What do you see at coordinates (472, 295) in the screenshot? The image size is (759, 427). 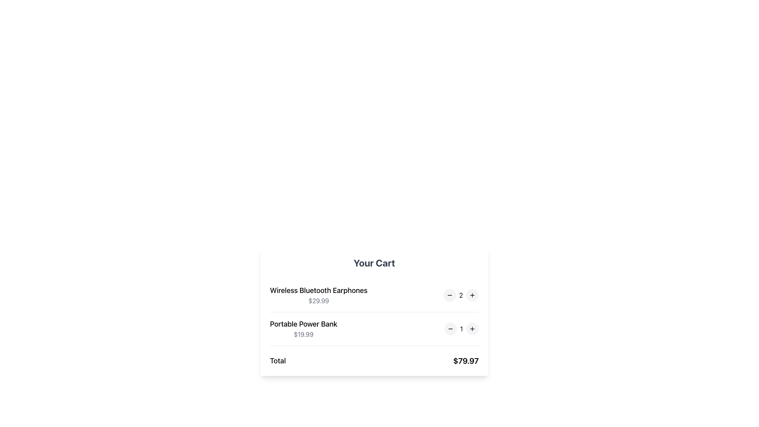 I see `the circular gray button with a '+' icon located to the right of the quantity display ('2') in the shopping cart section to increase the product quantity` at bounding box center [472, 295].